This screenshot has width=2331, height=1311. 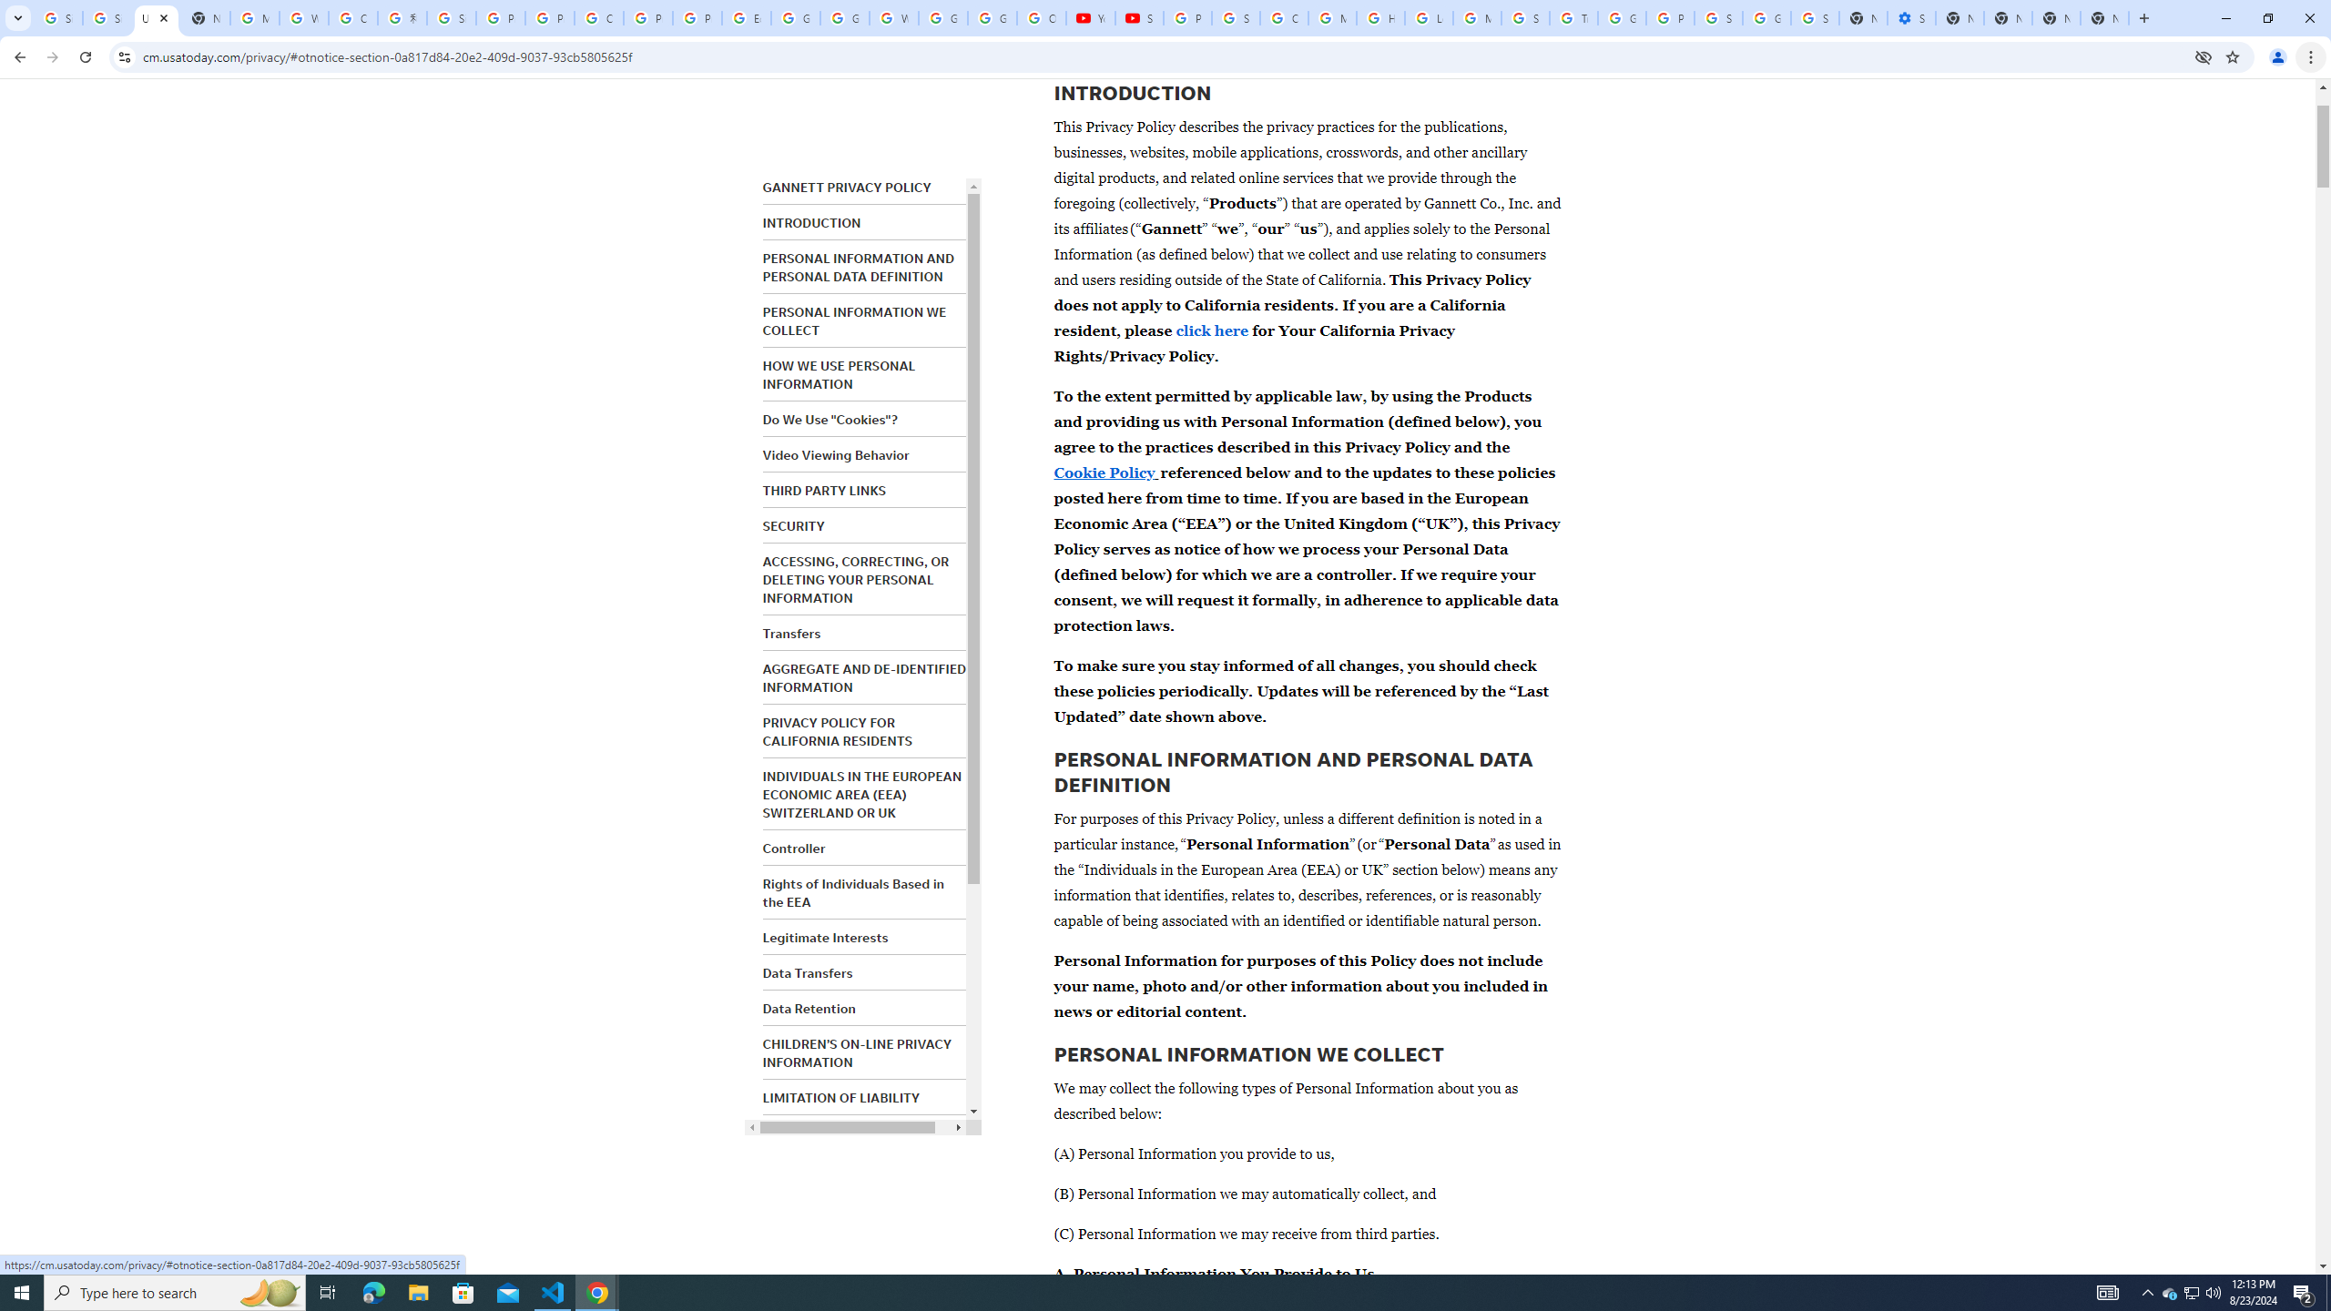 What do you see at coordinates (823, 491) in the screenshot?
I see `'THIRD PARTY LINKS'` at bounding box center [823, 491].